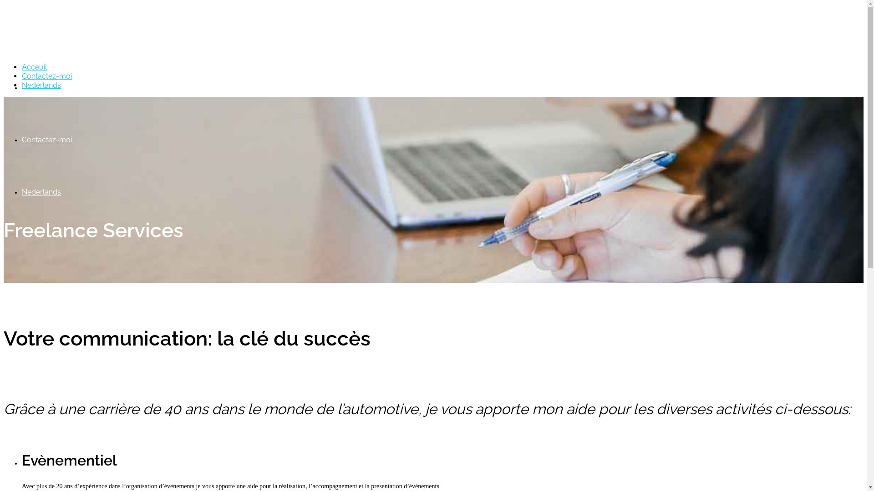 This screenshot has height=491, width=874. What do you see at coordinates (46, 140) in the screenshot?
I see `'Contactez-moi'` at bounding box center [46, 140].